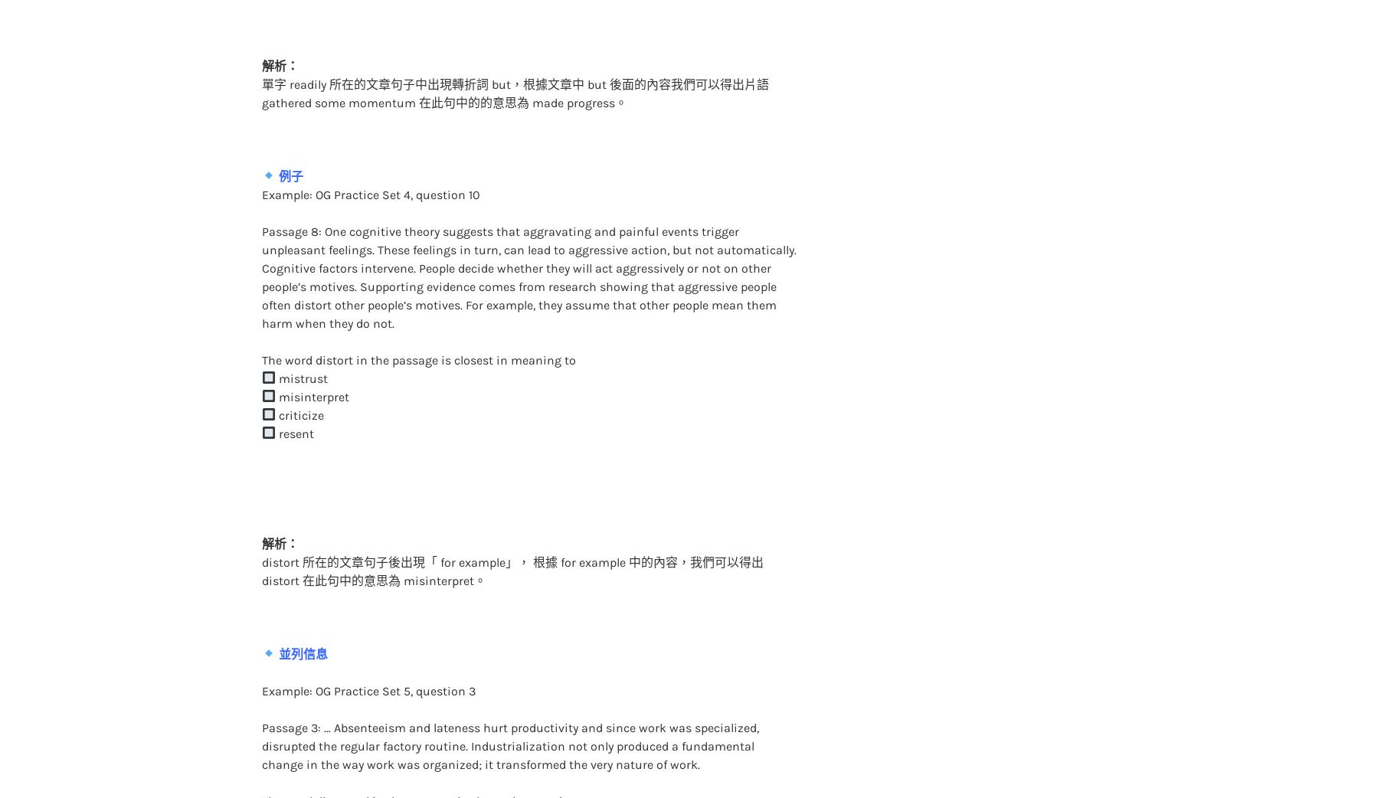 The image size is (1381, 798). Describe the element at coordinates (368, 659) in the screenshot. I see `'Example: OG Practice Set 5, question 3'` at that location.